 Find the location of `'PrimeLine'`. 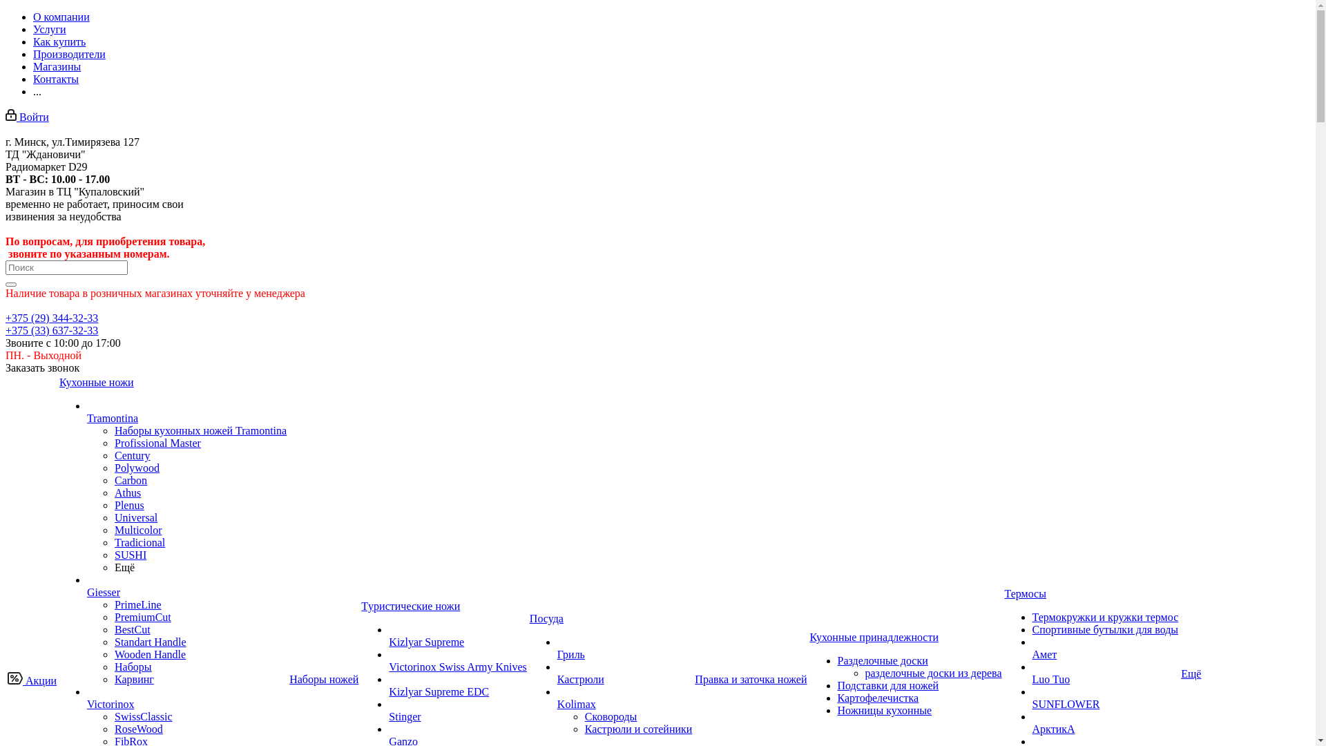

'PrimeLine' is located at coordinates (138, 604).